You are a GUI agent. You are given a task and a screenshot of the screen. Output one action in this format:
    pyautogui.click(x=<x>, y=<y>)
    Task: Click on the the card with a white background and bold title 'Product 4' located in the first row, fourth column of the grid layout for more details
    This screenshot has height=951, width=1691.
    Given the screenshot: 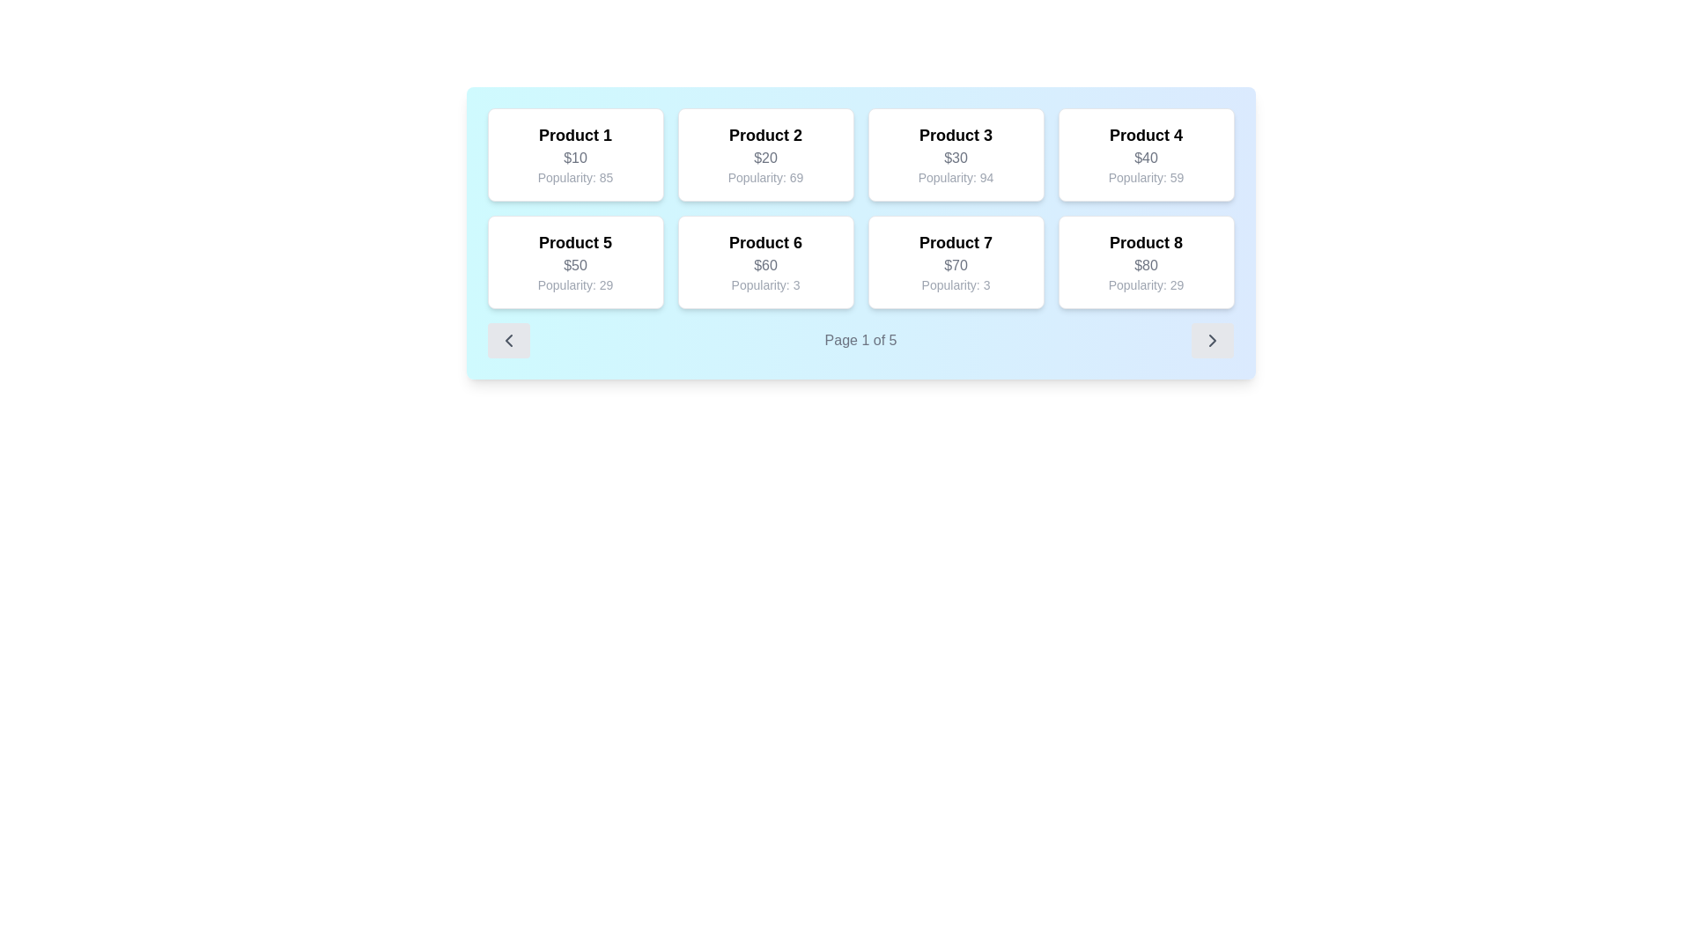 What is the action you would take?
    pyautogui.click(x=1146, y=154)
    